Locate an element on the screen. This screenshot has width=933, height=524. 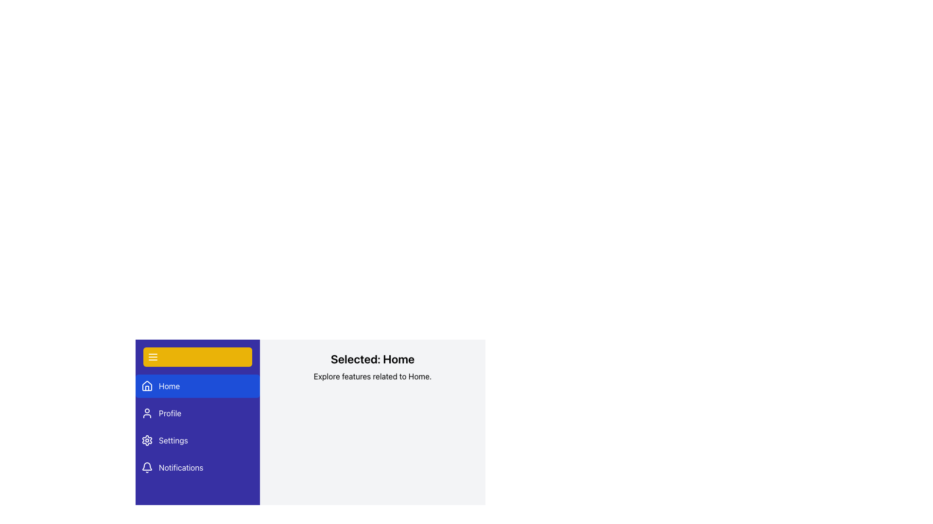
the hamburger menu icon with a yellow background and white lines is located at coordinates (153, 357).